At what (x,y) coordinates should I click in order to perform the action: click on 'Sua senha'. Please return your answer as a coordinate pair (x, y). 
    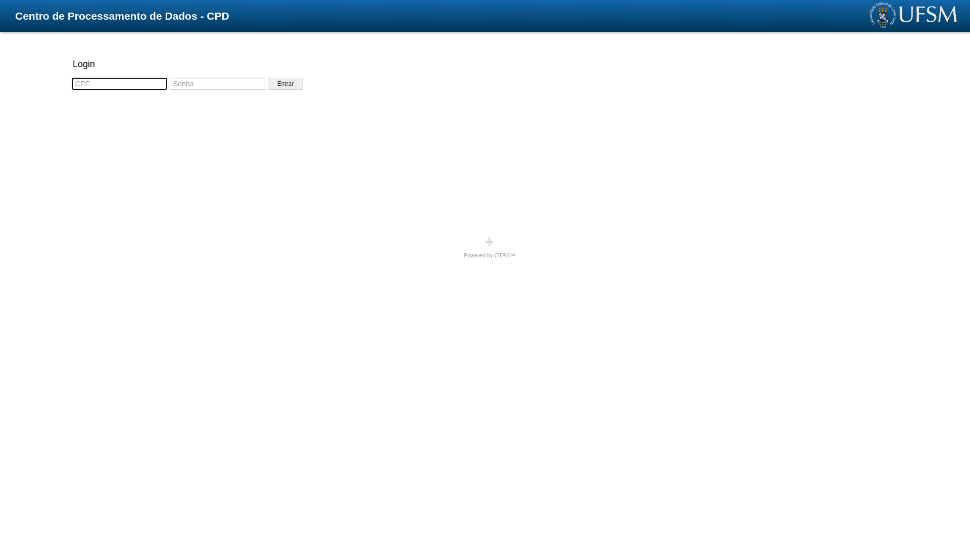
    Looking at the image, I should click on (217, 83).